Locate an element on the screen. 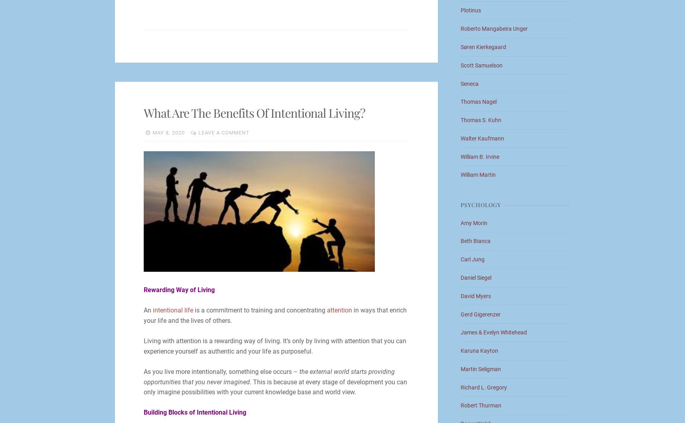  'is a commitment to training and concentrating' is located at coordinates (259, 310).